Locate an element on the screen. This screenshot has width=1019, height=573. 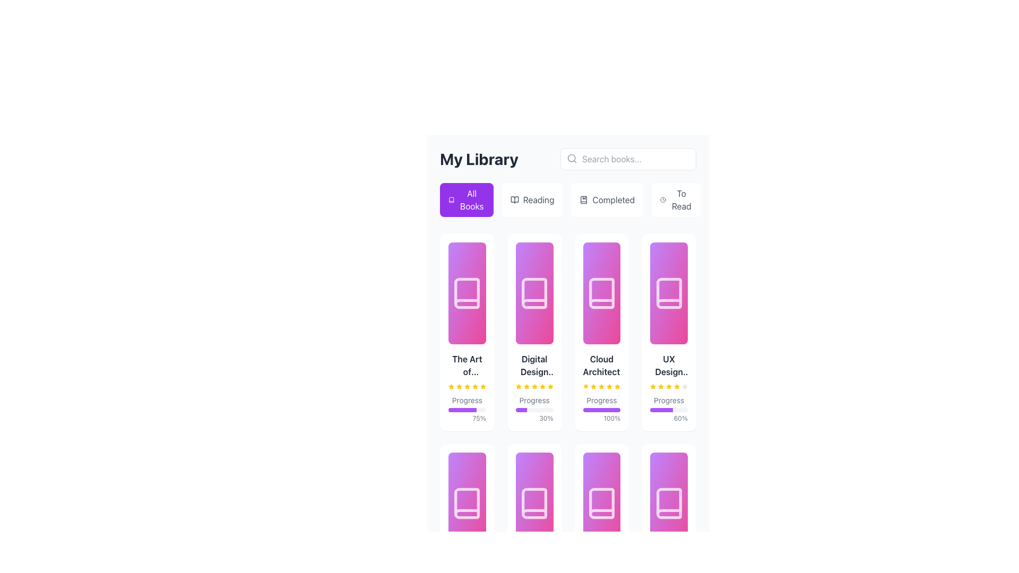
the text label that displays 'Progress' in a small, light gray font, located beneath the yellow star icons and above the progress bar in the third card of the 'My Library' section is located at coordinates (601, 401).